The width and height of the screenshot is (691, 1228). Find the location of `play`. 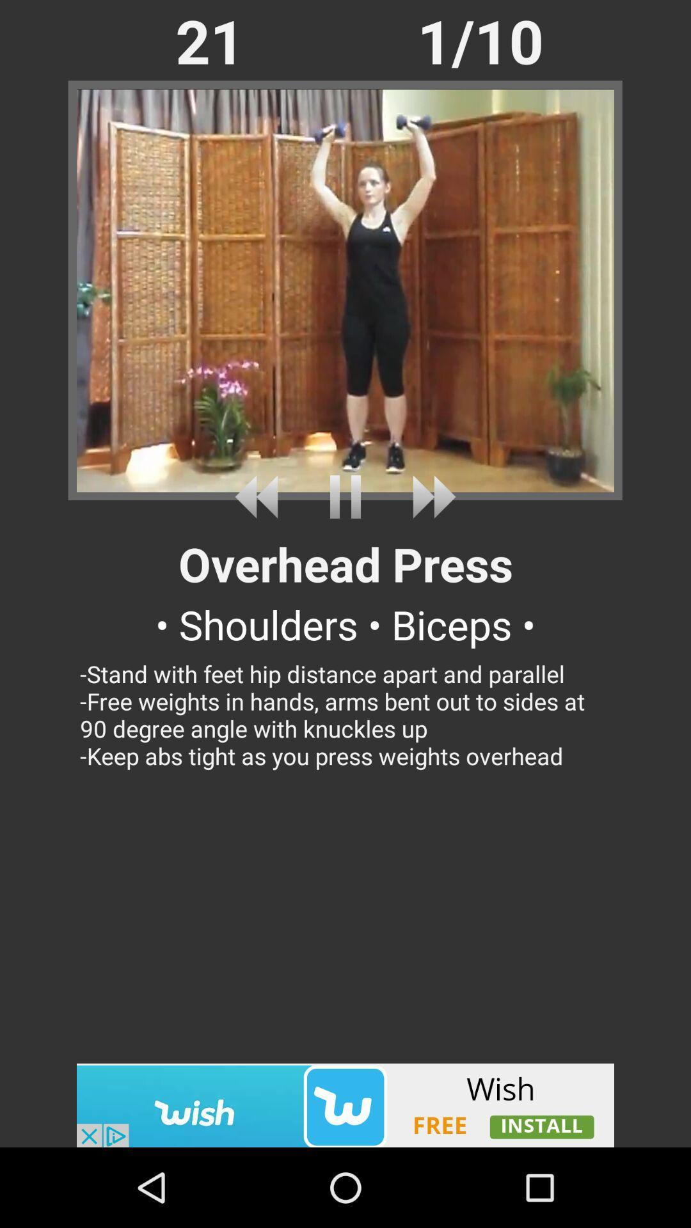

play is located at coordinates (345, 496).